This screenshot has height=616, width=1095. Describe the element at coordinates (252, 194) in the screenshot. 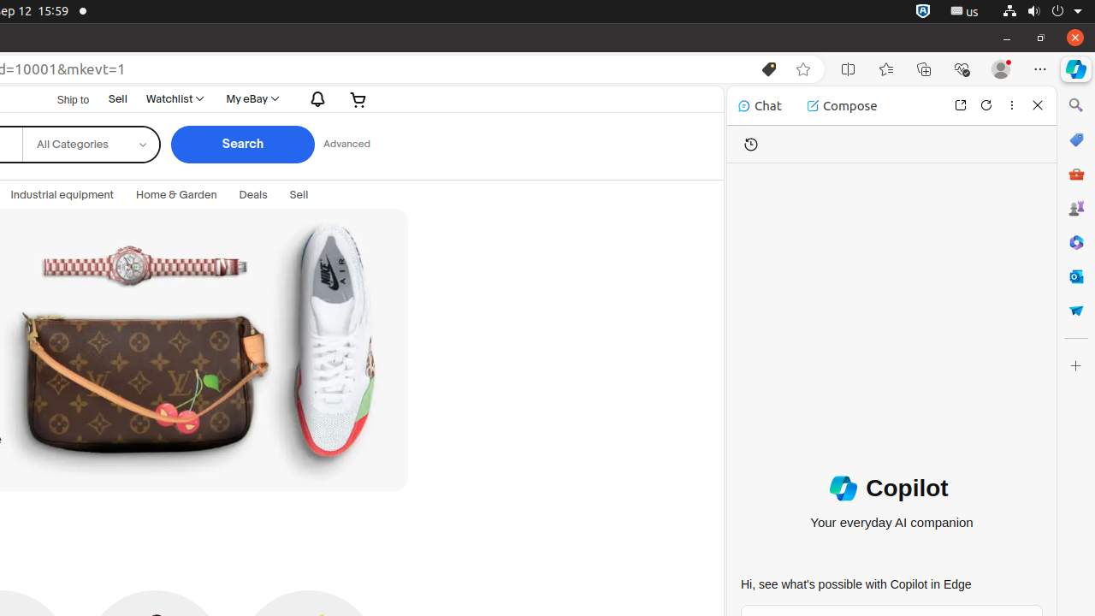

I see `'Deals'` at that location.